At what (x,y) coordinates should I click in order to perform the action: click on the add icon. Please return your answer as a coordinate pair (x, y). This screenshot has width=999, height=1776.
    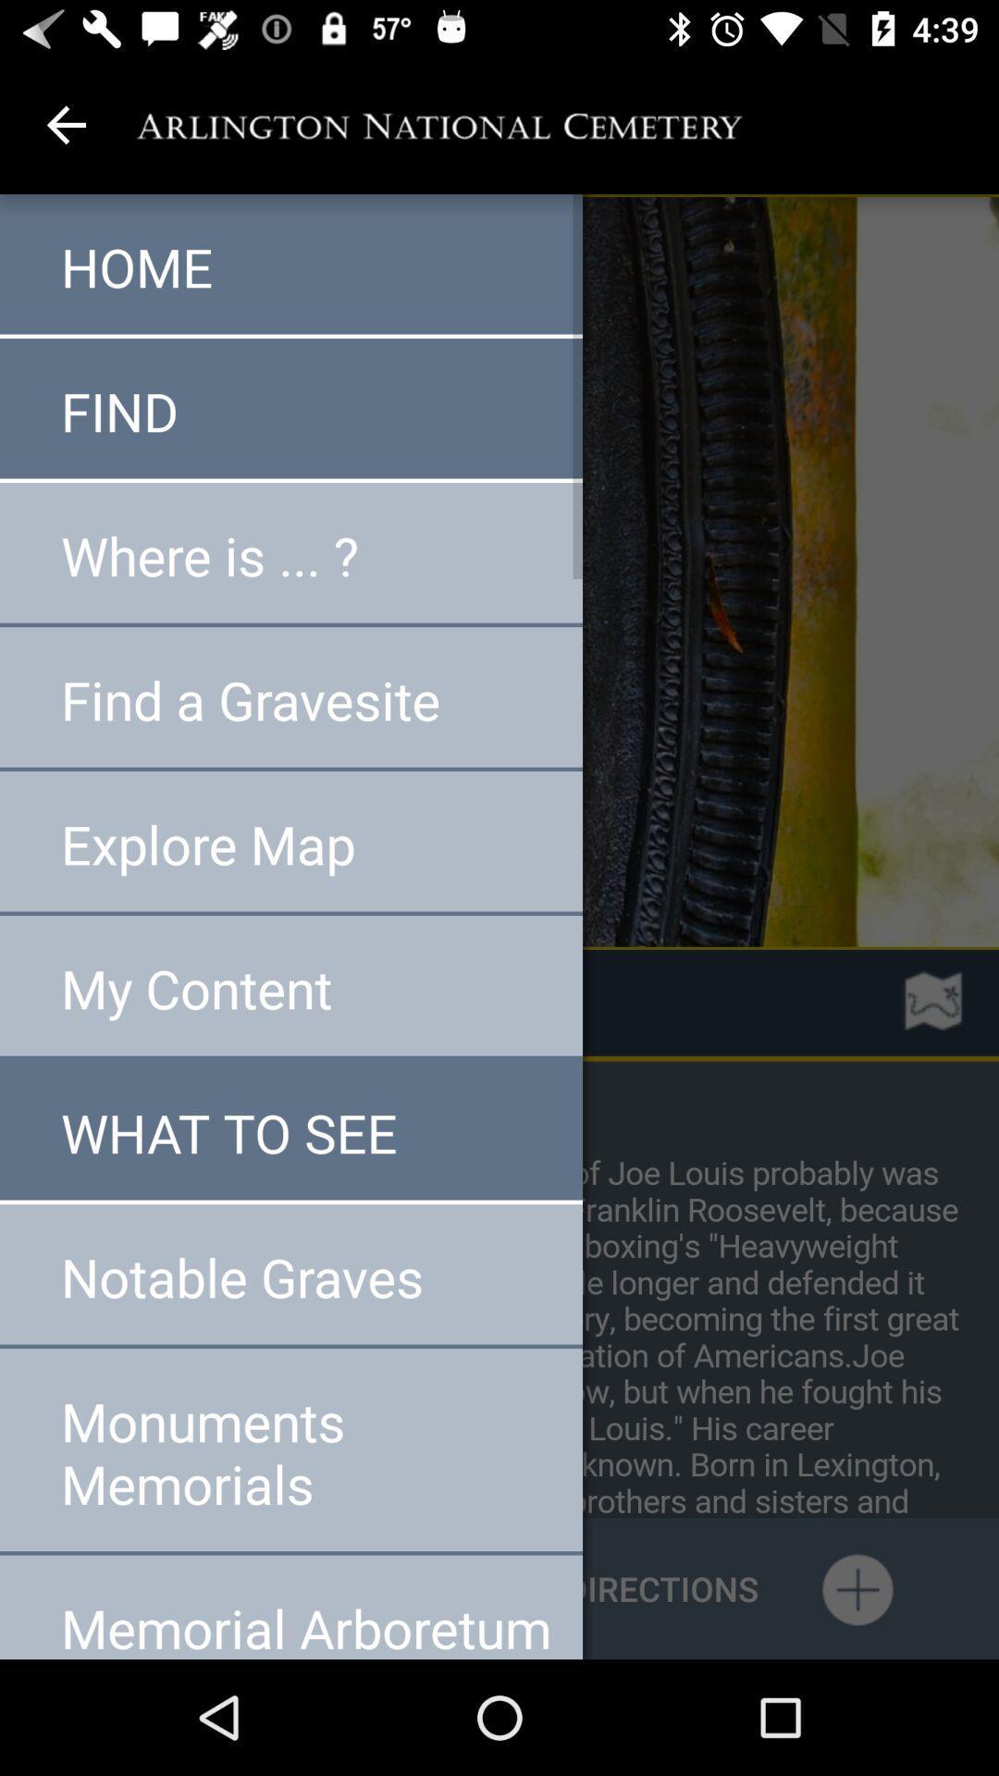
    Looking at the image, I should click on (857, 1587).